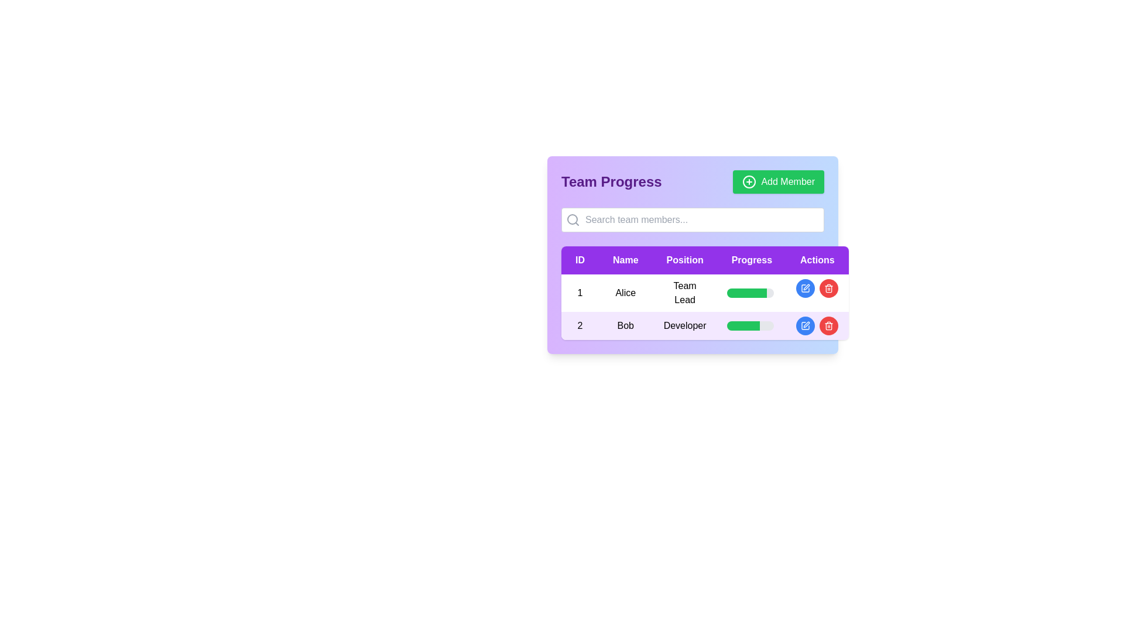  I want to click on the 'Add Member' icon located within the 'Add Member' button in the upper-right area of the 'Team Progress' card UI, so click(749, 182).